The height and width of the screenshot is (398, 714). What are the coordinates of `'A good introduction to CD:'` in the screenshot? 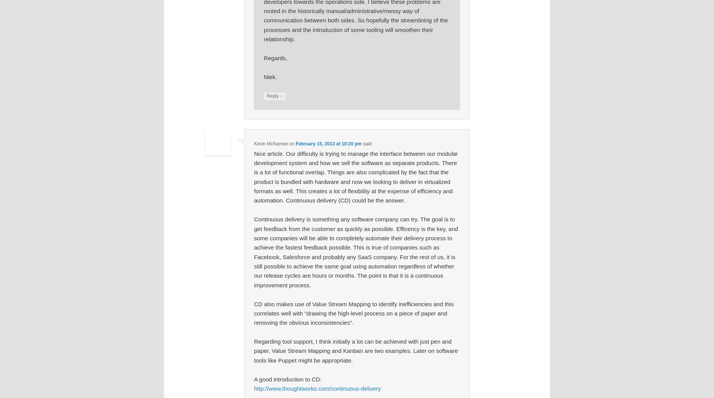 It's located at (254, 378).